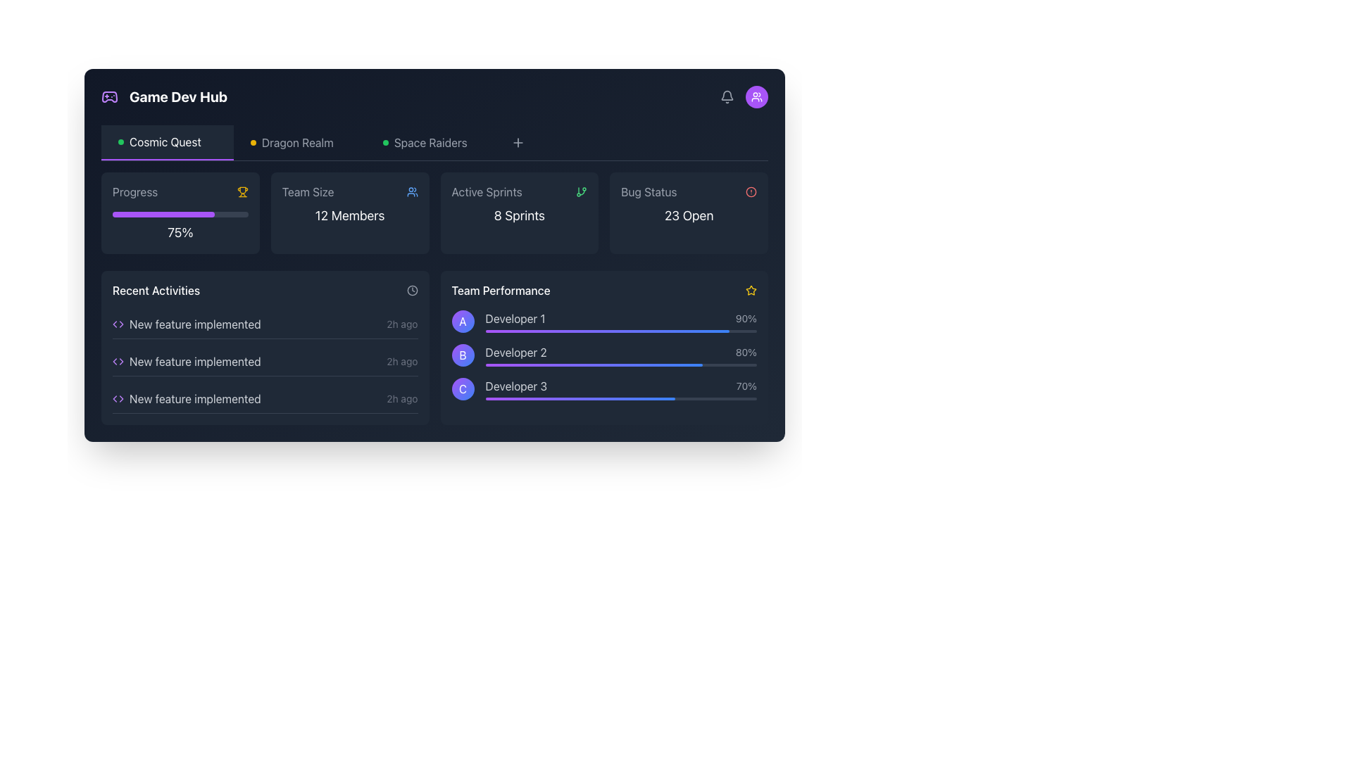 Image resolution: width=1352 pixels, height=760 pixels. Describe the element at coordinates (194, 324) in the screenshot. I see `text label indicating an activity related to a new feature implementation, which is the first item in the 'Recent Activities' section, located to the right of a small purple icon resembling code brackets` at that location.